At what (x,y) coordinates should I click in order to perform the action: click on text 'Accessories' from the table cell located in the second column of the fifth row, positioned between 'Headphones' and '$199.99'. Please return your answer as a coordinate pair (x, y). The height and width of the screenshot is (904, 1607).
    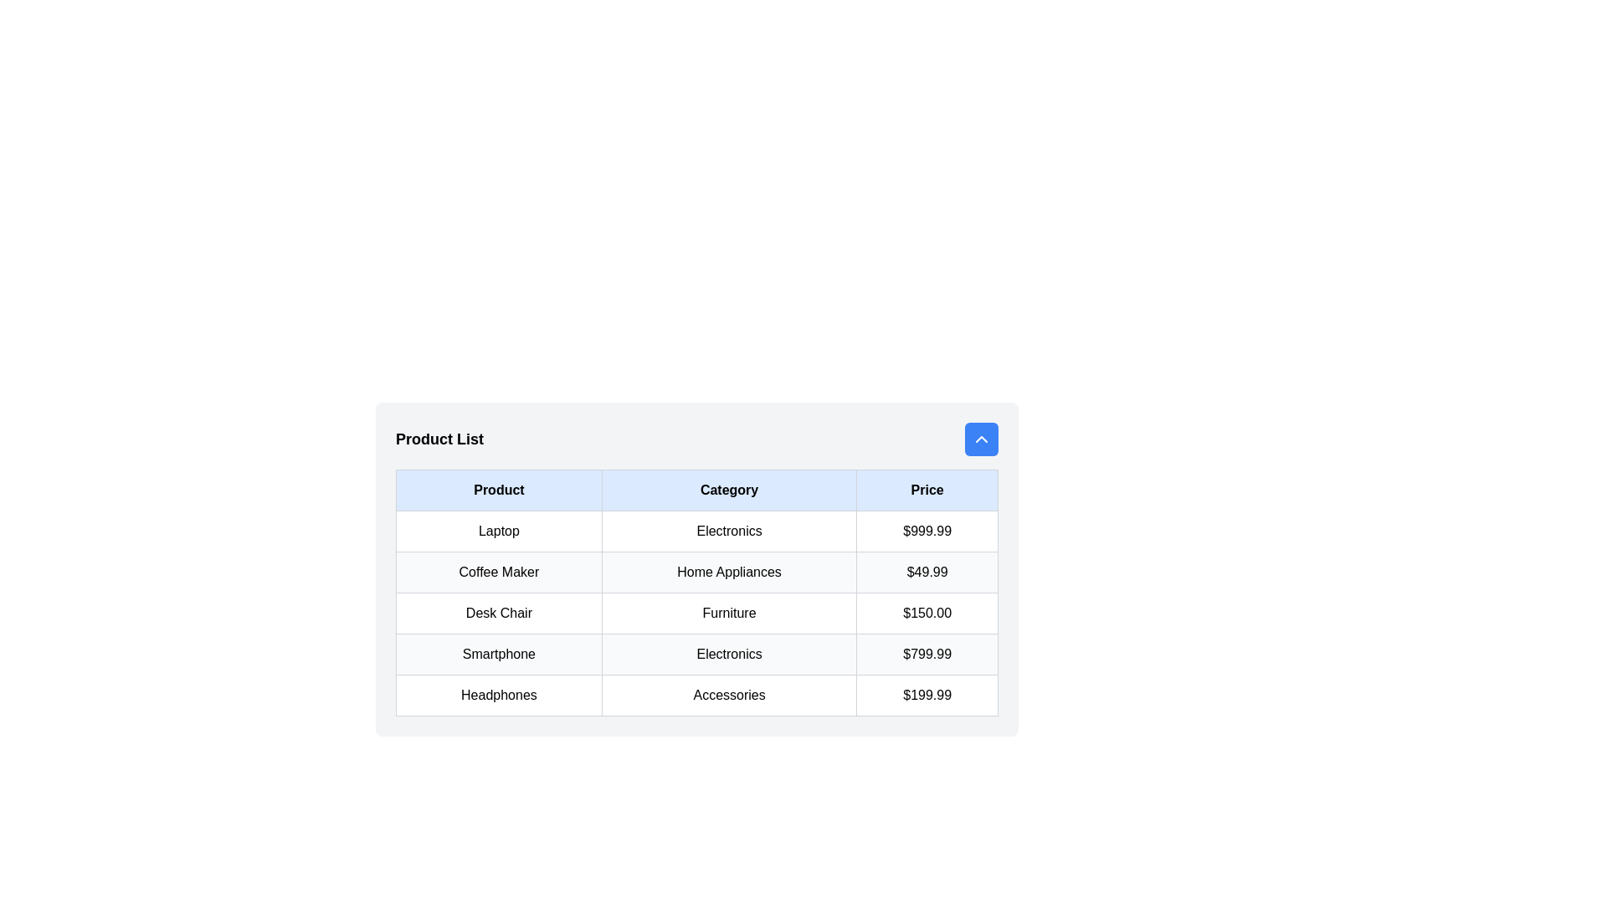
    Looking at the image, I should click on (729, 695).